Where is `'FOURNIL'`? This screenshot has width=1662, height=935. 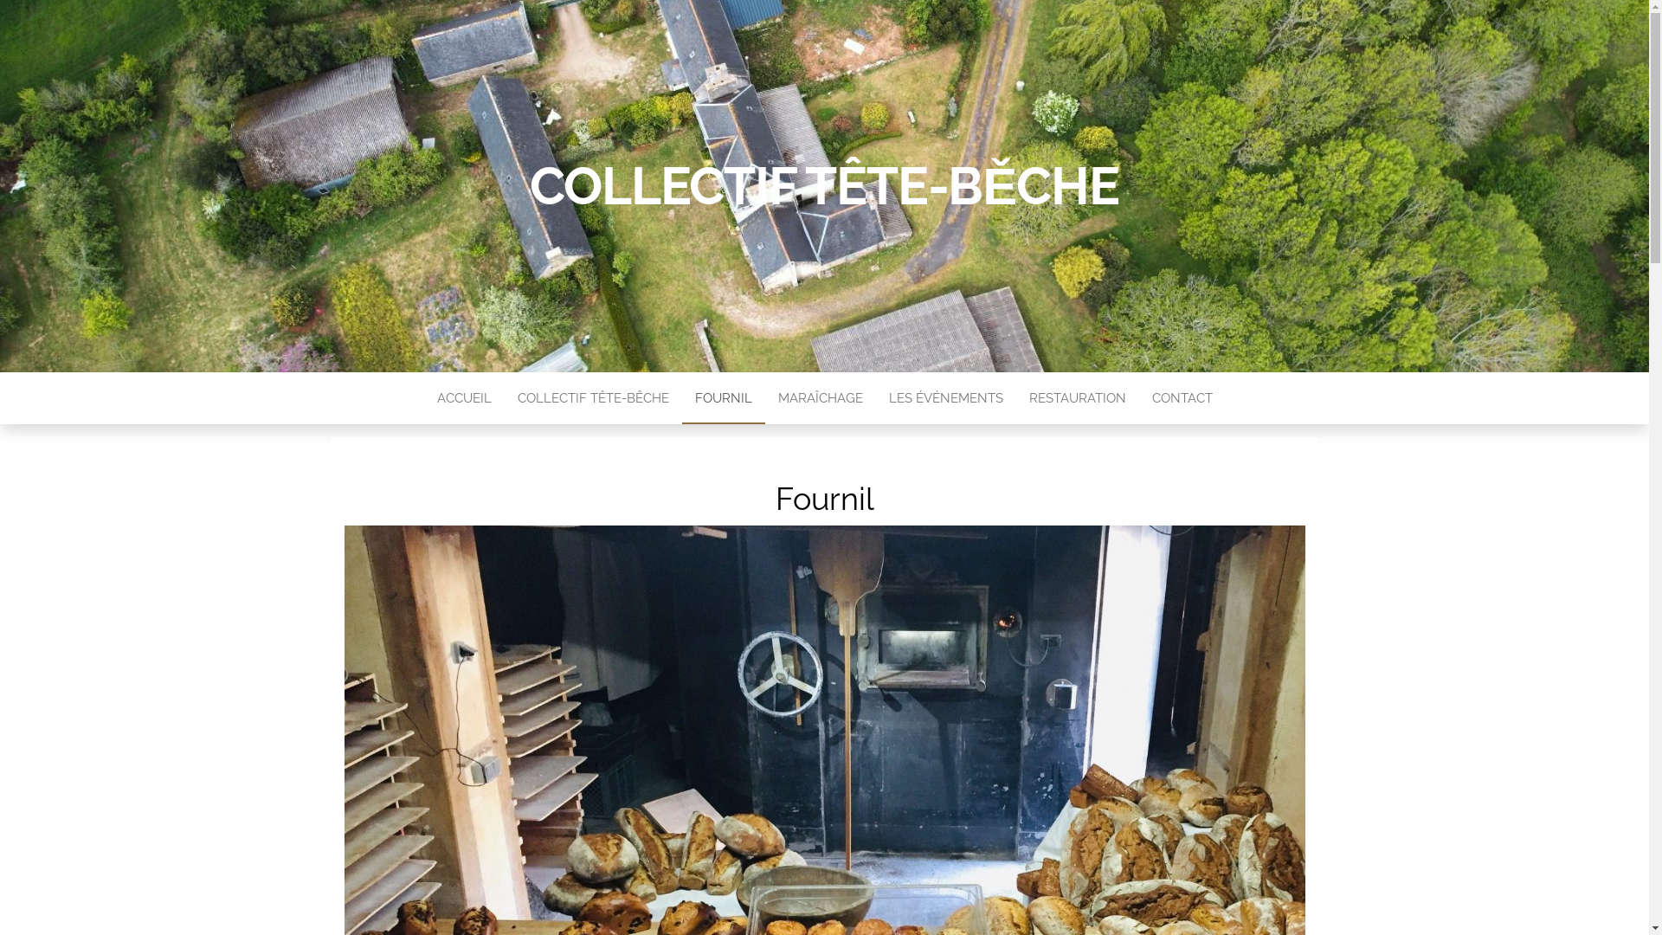 'FOURNIL' is located at coordinates (680, 397).